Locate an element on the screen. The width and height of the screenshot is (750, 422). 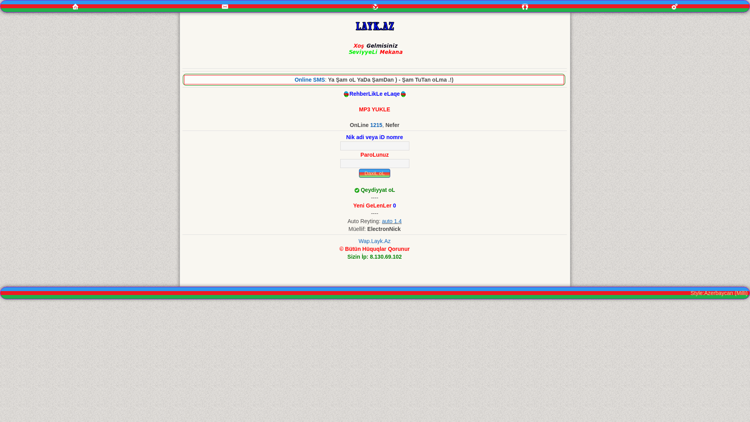
'Qonaqlar' is located at coordinates (525, 6).